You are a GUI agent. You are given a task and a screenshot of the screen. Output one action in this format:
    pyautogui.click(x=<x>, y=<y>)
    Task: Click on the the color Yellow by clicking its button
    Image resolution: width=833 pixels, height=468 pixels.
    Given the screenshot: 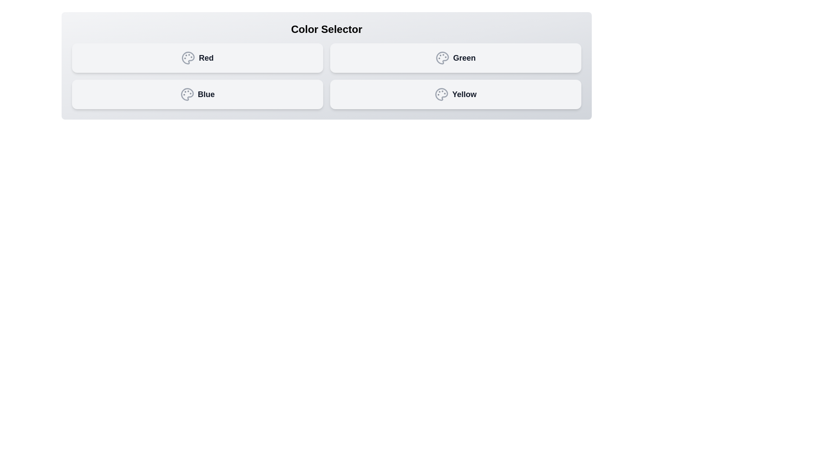 What is the action you would take?
    pyautogui.click(x=455, y=94)
    